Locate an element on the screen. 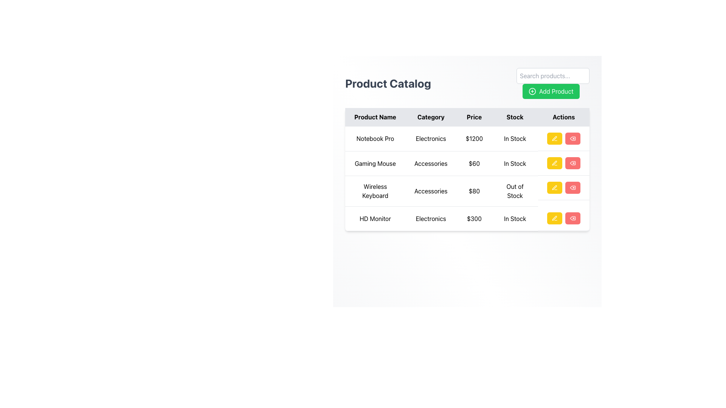 The image size is (726, 408). the bright yellow edit button with a pencil icon located in the 'Actions' column of the second row of the product catalog table to initiate the edit function is located at coordinates (555, 163).